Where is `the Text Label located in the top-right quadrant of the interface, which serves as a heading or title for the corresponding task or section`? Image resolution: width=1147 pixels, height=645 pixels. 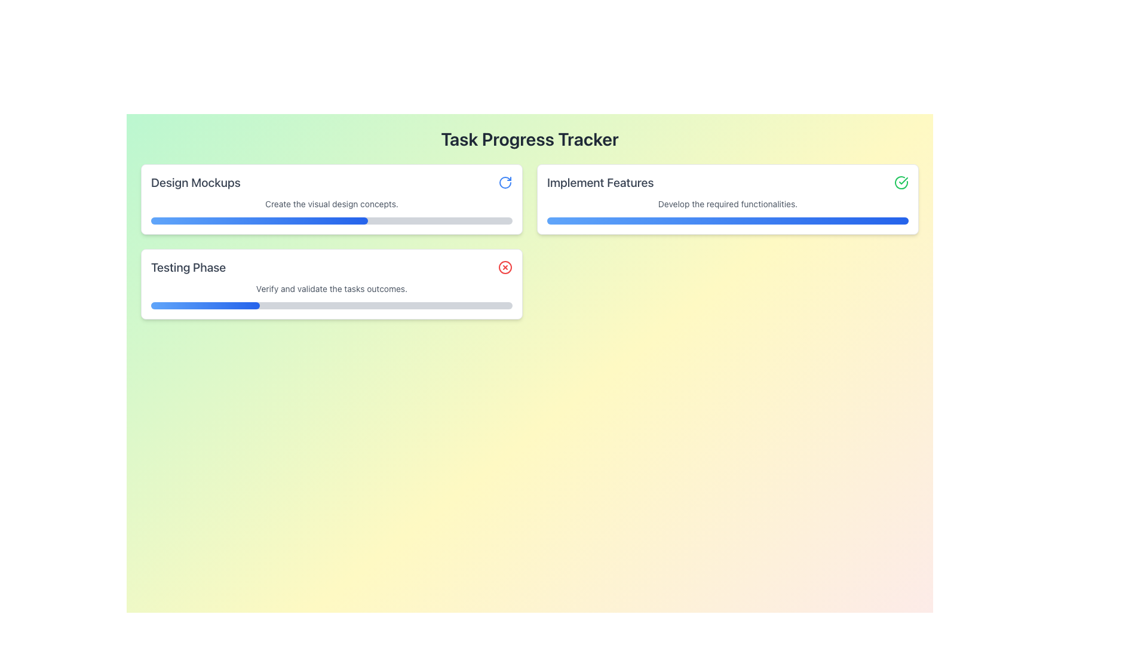
the Text Label located in the top-right quadrant of the interface, which serves as a heading or title for the corresponding task or section is located at coordinates (600, 182).